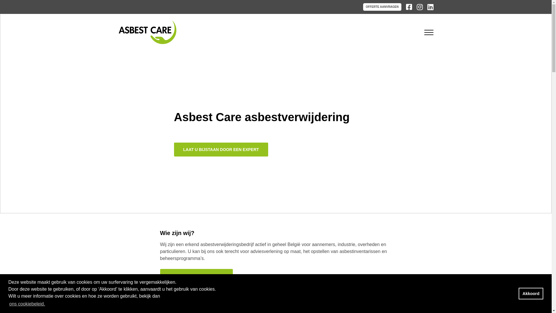 The width and height of the screenshot is (556, 313). Describe the element at coordinates (221, 149) in the screenshot. I see `'LAAT U BIJSTAAN DOOR EEN EXPERT'` at that location.